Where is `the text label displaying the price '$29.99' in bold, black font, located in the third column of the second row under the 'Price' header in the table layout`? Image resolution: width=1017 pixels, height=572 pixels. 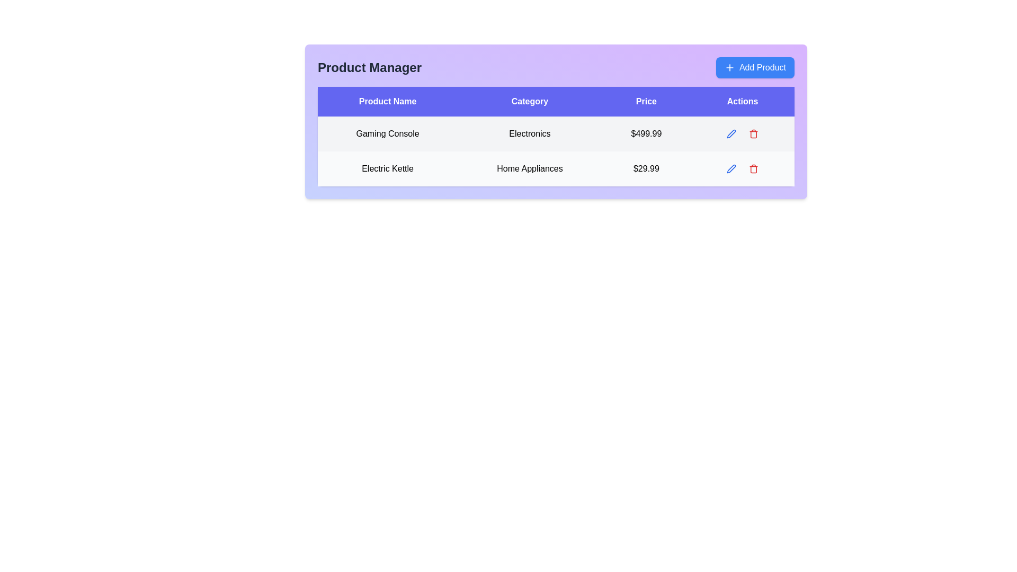 the text label displaying the price '$29.99' in bold, black font, located in the third column of the second row under the 'Price' header in the table layout is located at coordinates (646, 168).